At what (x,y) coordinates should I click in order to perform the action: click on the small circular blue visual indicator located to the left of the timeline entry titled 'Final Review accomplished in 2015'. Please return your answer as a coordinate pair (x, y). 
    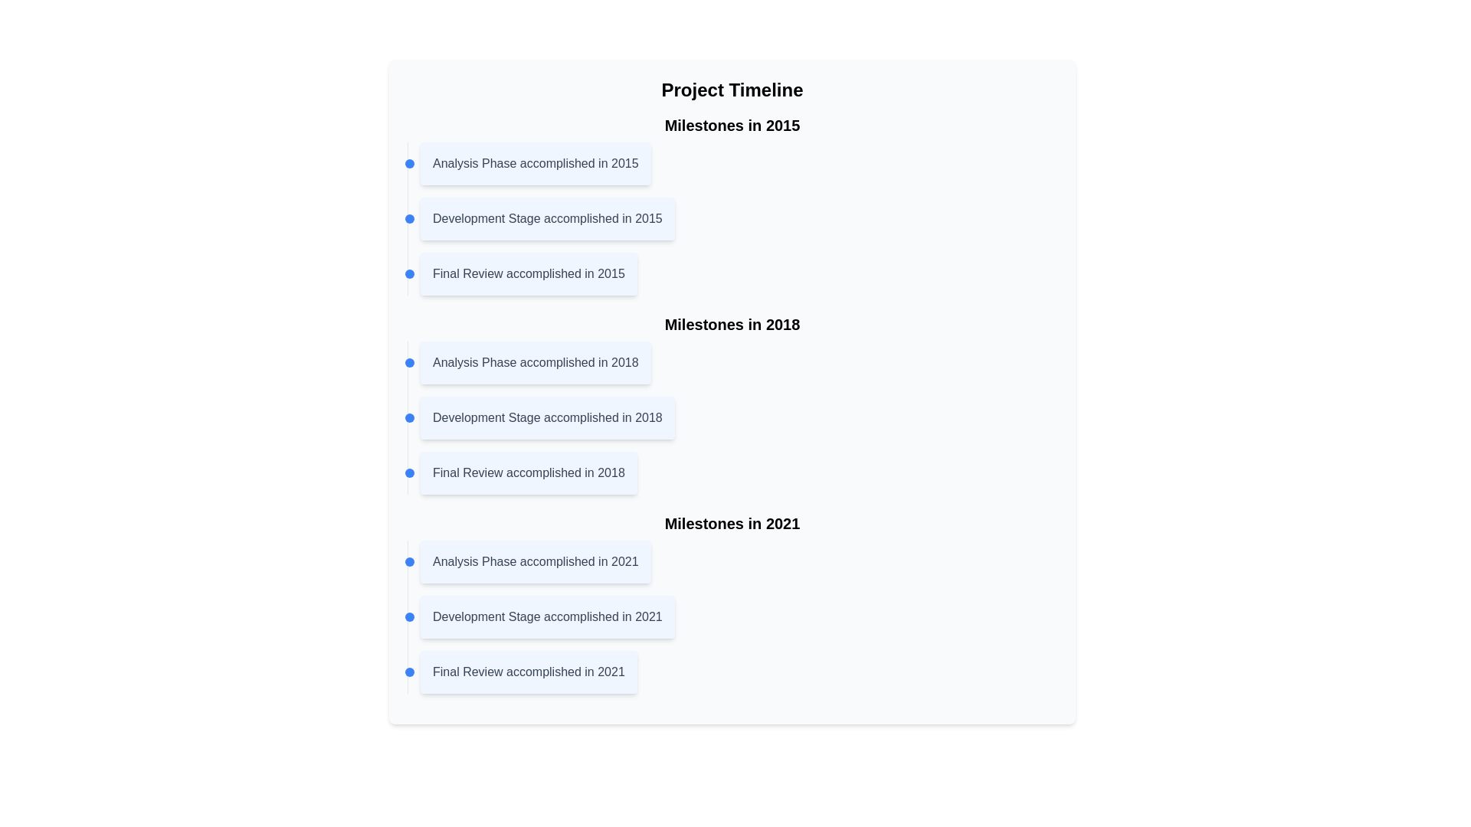
    Looking at the image, I should click on (409, 273).